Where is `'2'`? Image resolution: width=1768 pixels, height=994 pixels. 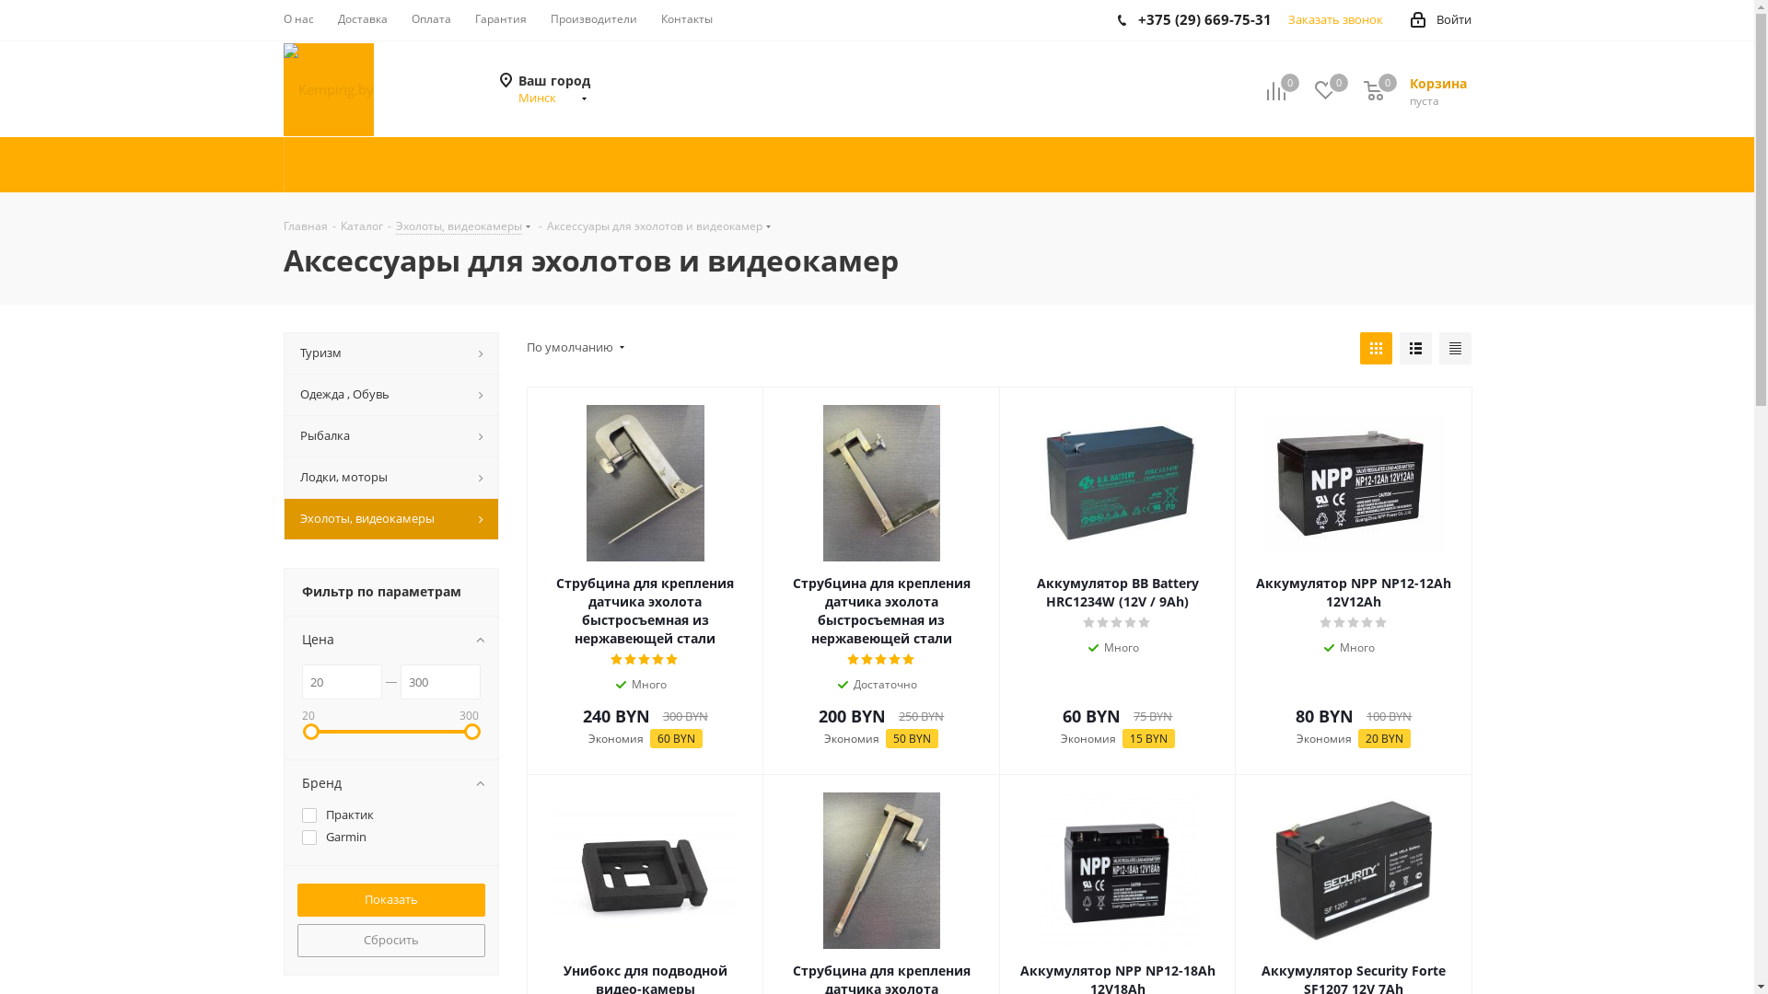 '2' is located at coordinates (1103, 622).